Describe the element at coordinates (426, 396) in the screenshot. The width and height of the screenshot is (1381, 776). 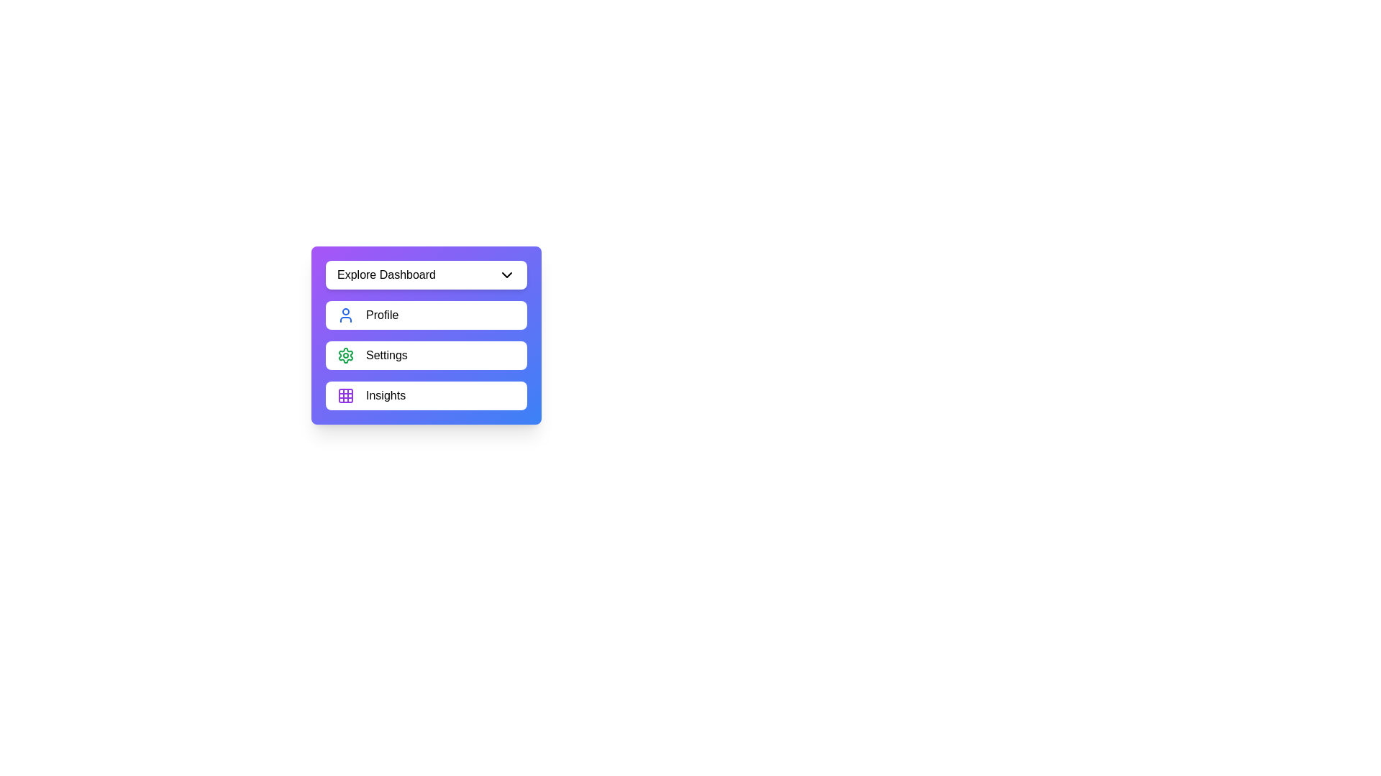
I see `the menu item Insights from the menu` at that location.